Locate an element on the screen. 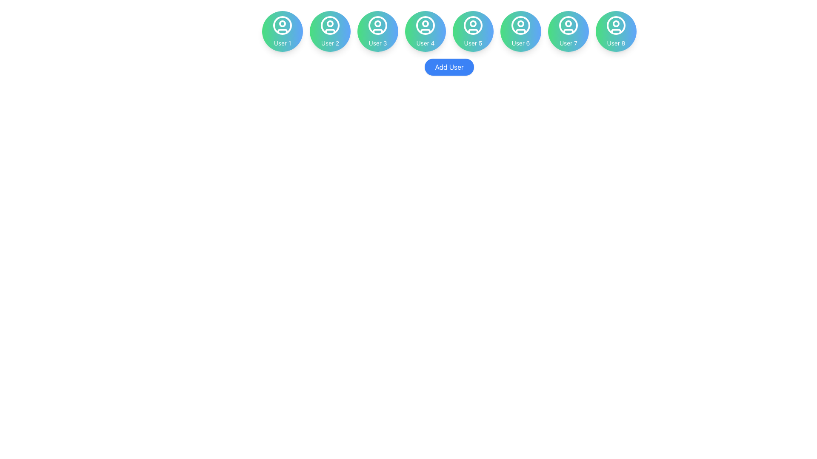  the user silhouette icon for 'User 6' is located at coordinates (520, 25).